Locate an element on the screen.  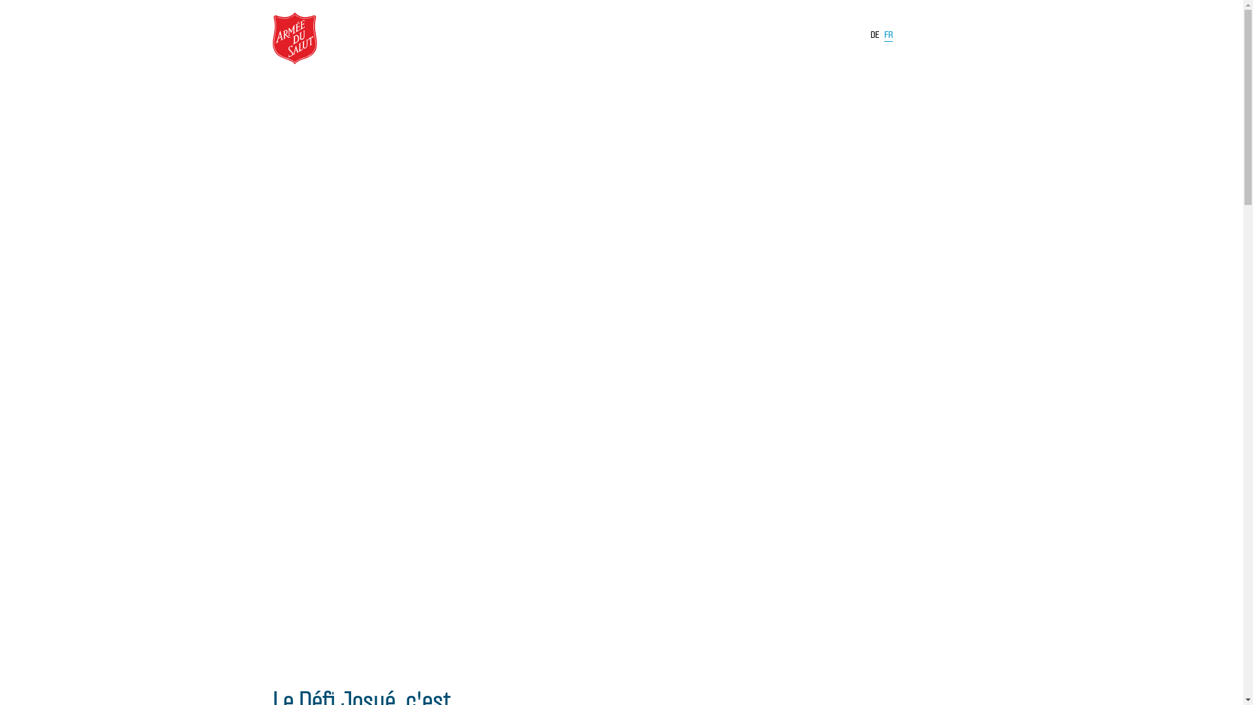
'DE' is located at coordinates (874, 35).